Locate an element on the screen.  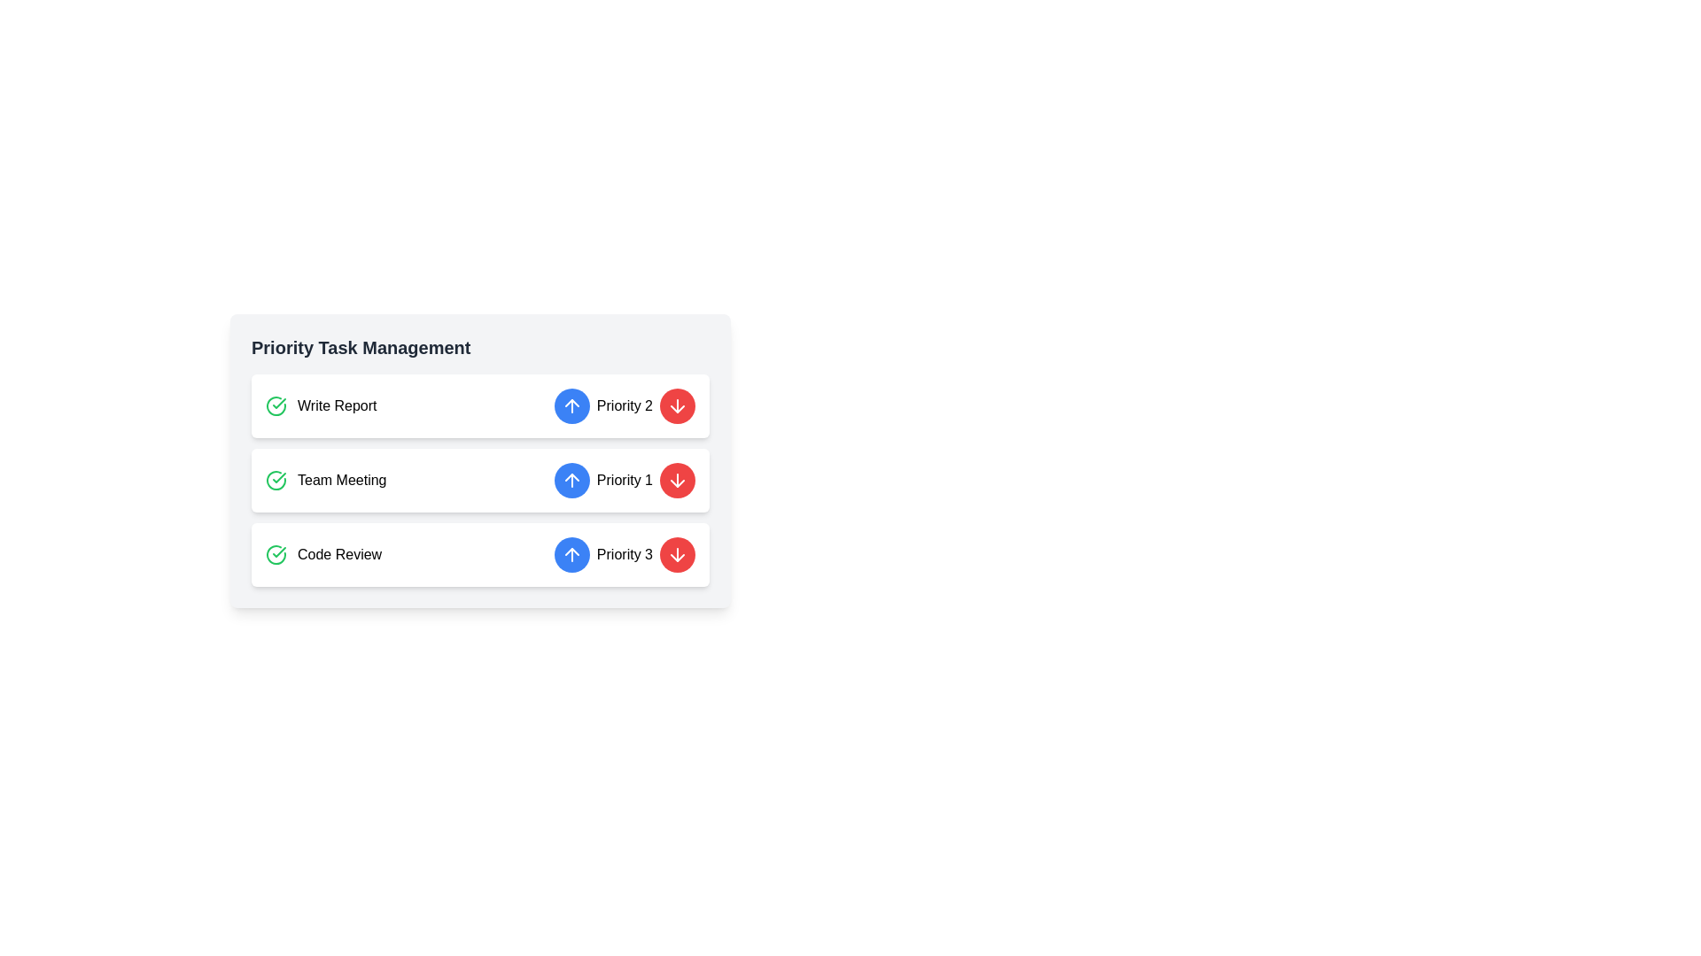
the green circular icon with a checkmark located to the left of the text 'Code Review' in the third entry of the 'Priority Task Management' list is located at coordinates (276, 554).